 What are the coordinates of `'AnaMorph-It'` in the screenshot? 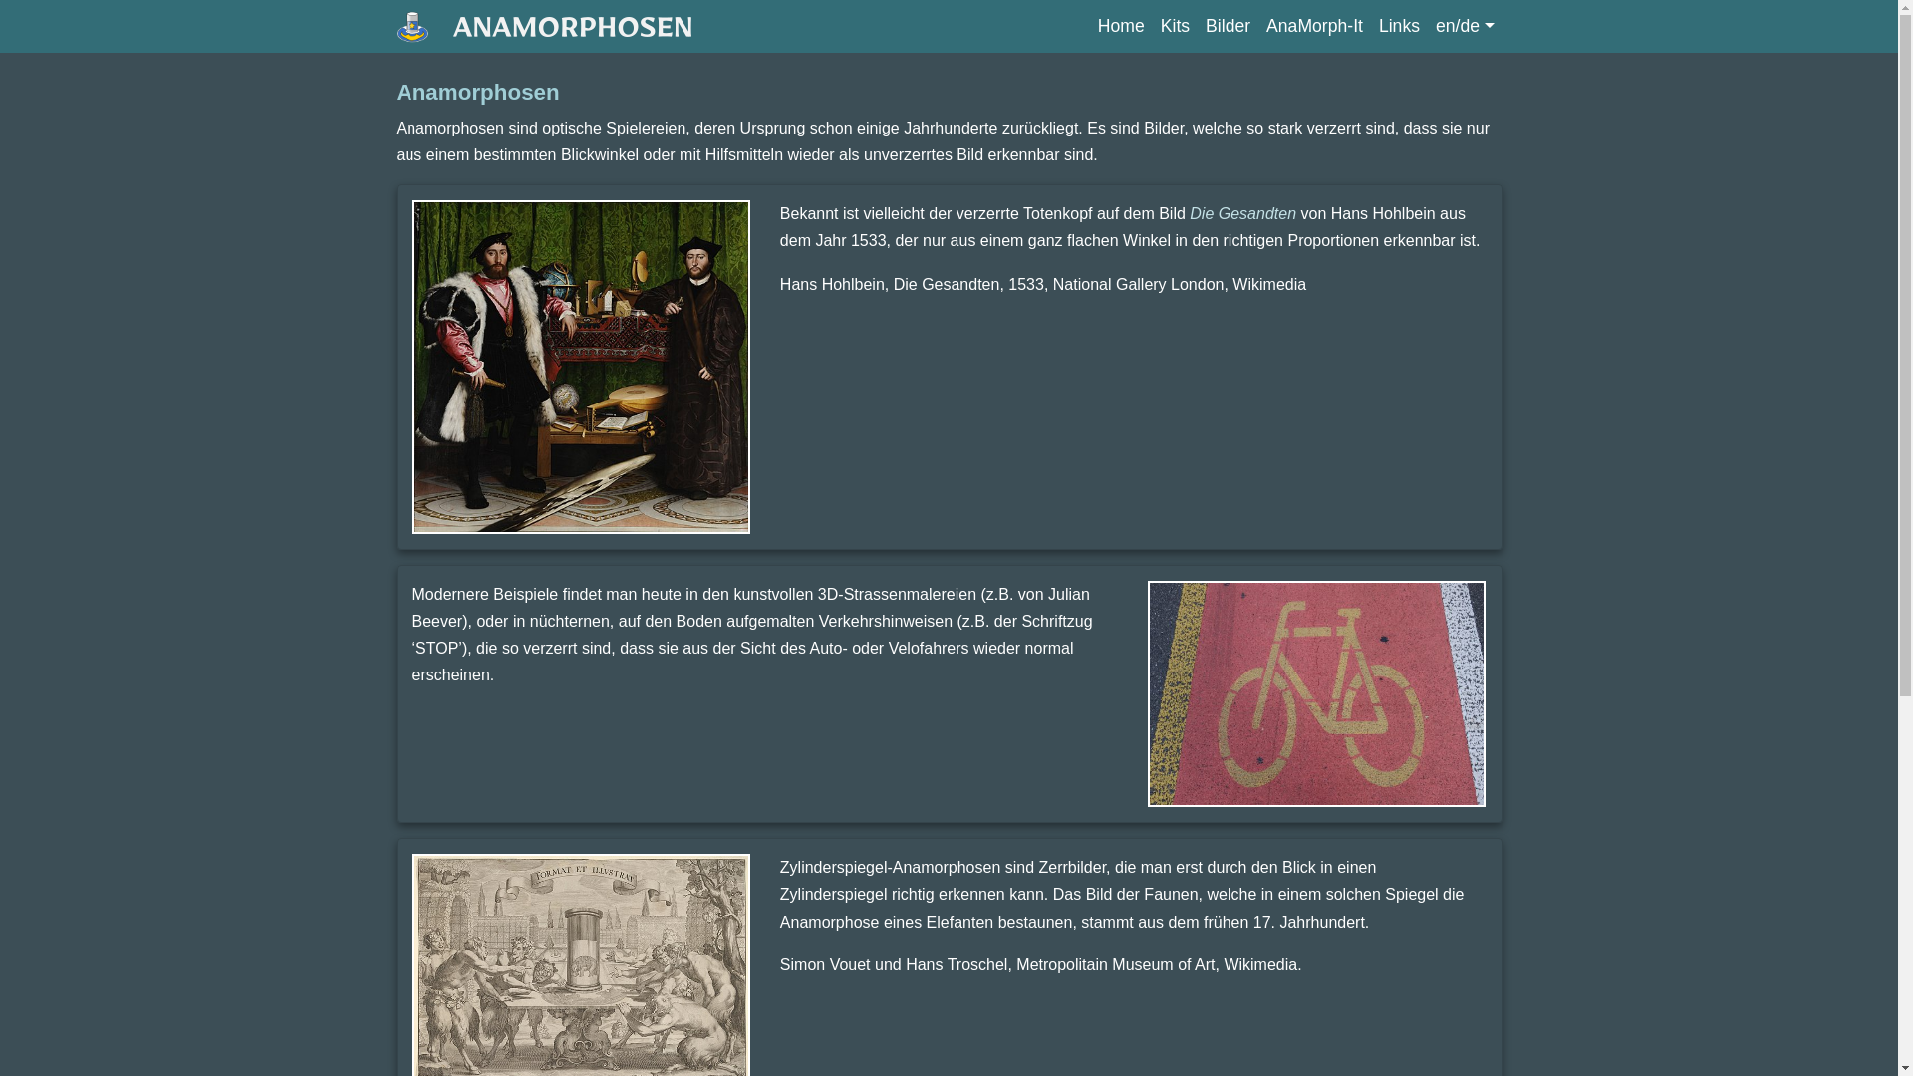 It's located at (1314, 26).